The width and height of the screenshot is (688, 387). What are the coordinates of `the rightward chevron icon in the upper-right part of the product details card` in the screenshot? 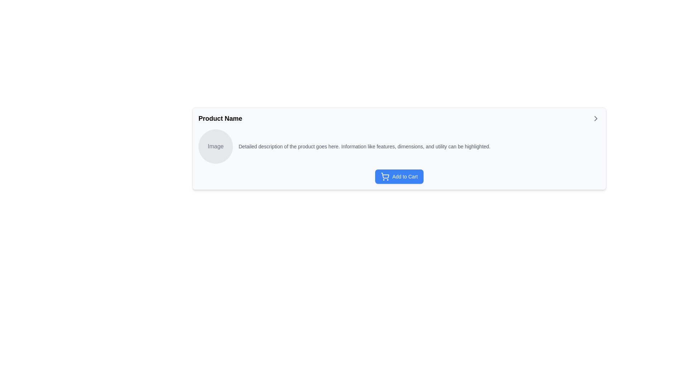 It's located at (596, 118).